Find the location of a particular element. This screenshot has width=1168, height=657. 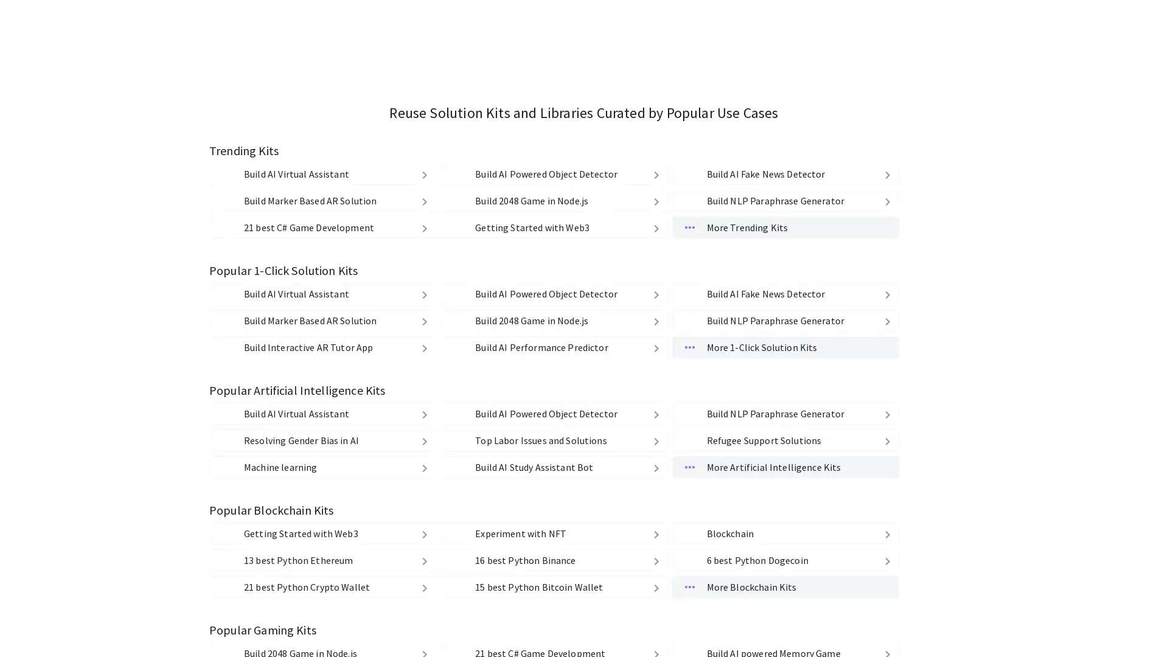

Low is located at coordinates (680, 307).